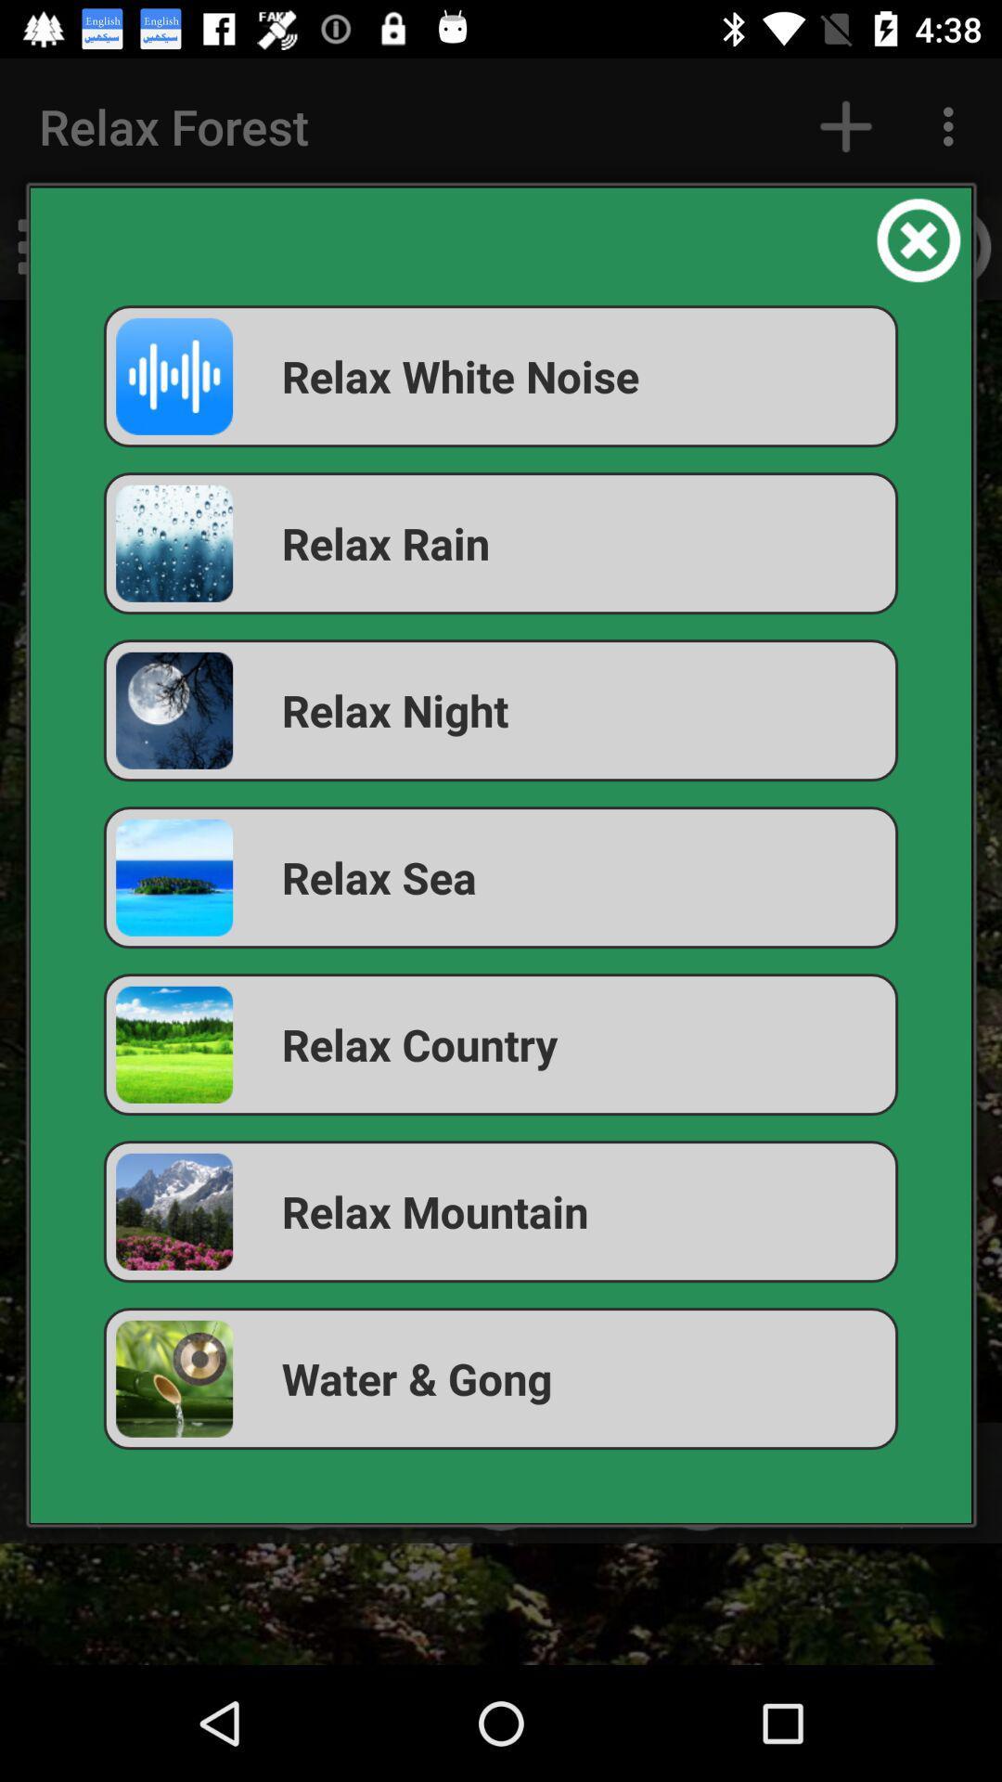  What do you see at coordinates (501, 1378) in the screenshot?
I see `water & gong item` at bounding box center [501, 1378].